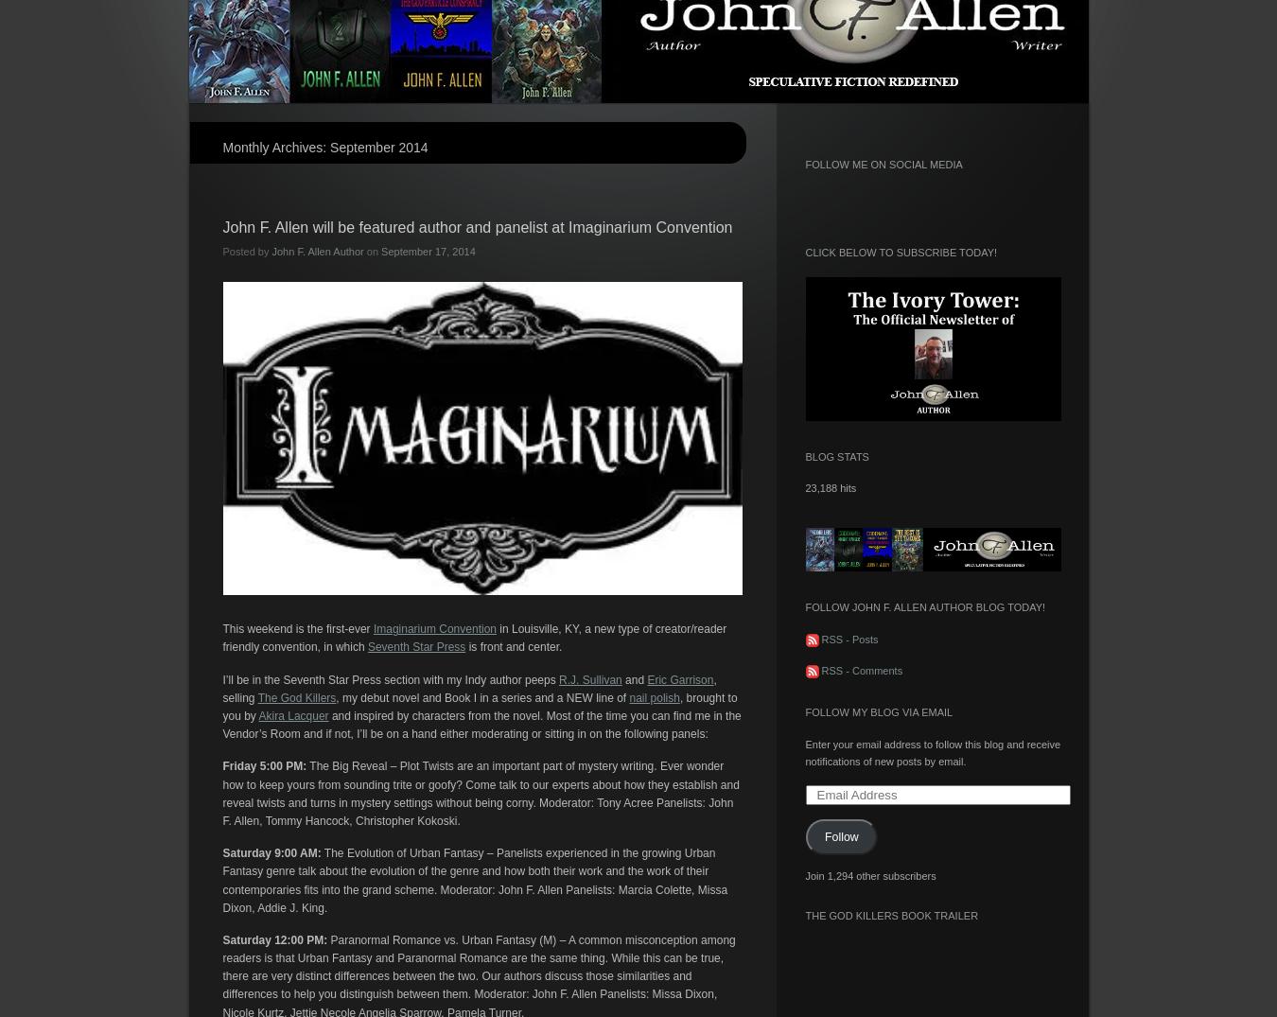 This screenshot has width=1277, height=1017. What do you see at coordinates (923, 606) in the screenshot?
I see `'Follow John F. Allen Author Blog TODAY!'` at bounding box center [923, 606].